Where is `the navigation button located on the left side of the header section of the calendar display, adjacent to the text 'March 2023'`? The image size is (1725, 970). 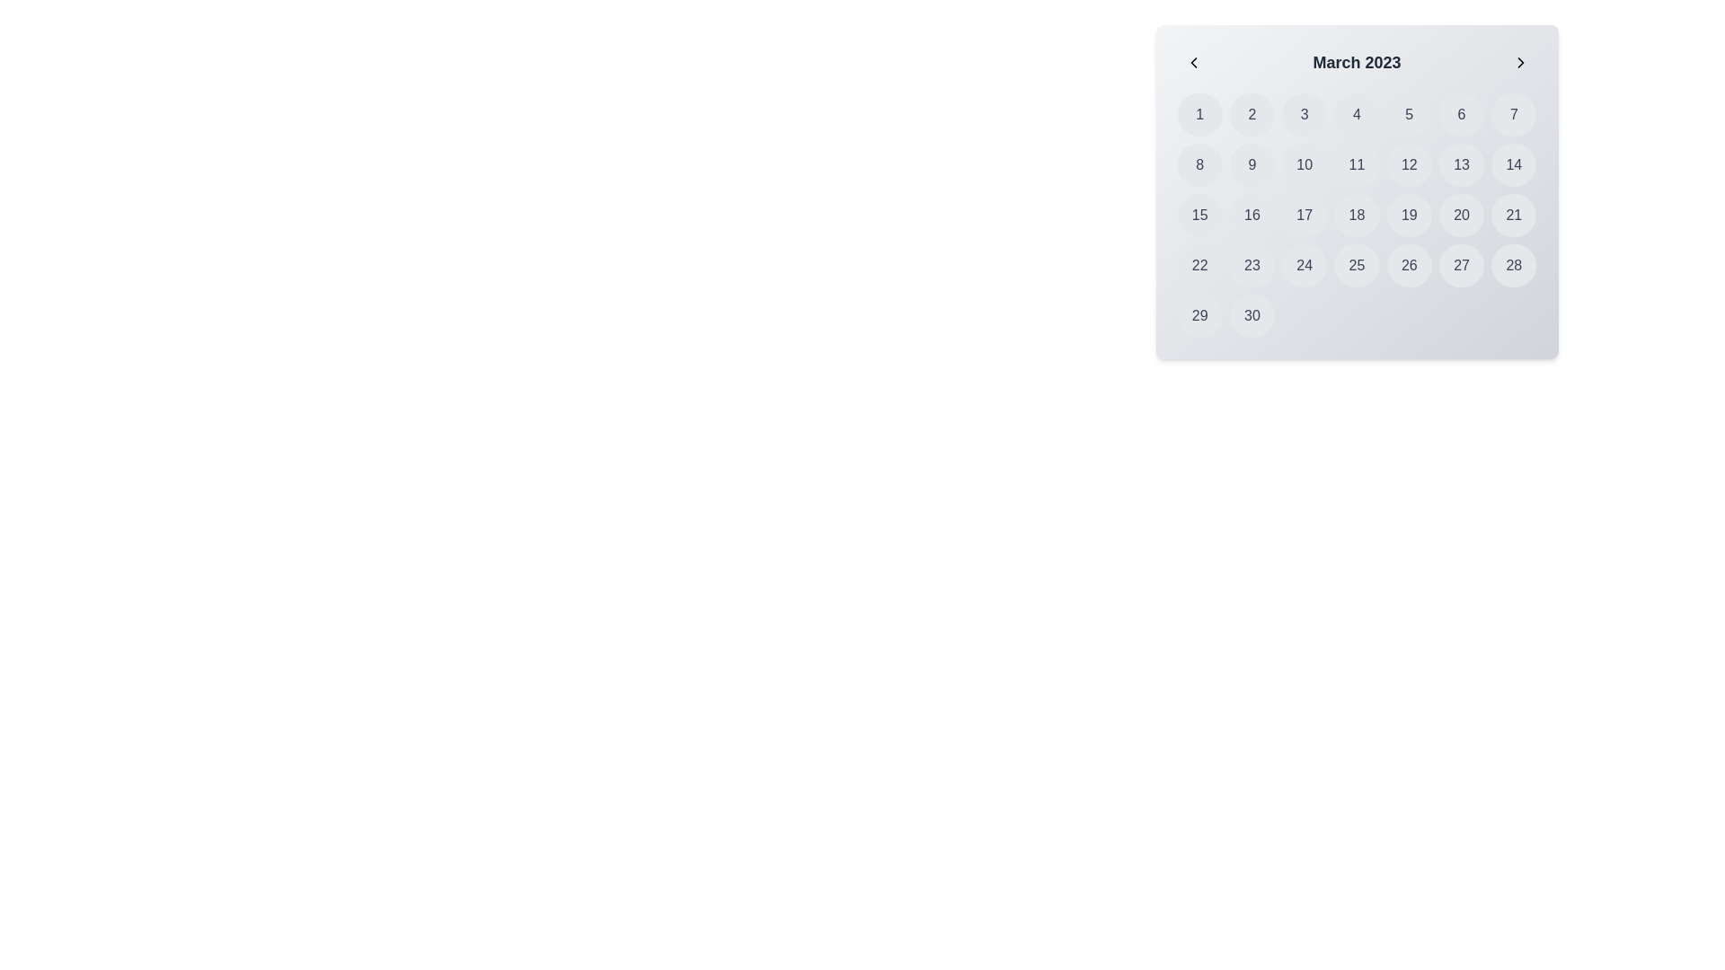 the navigation button located on the left side of the header section of the calendar display, adjacent to the text 'March 2023' is located at coordinates (1193, 61).